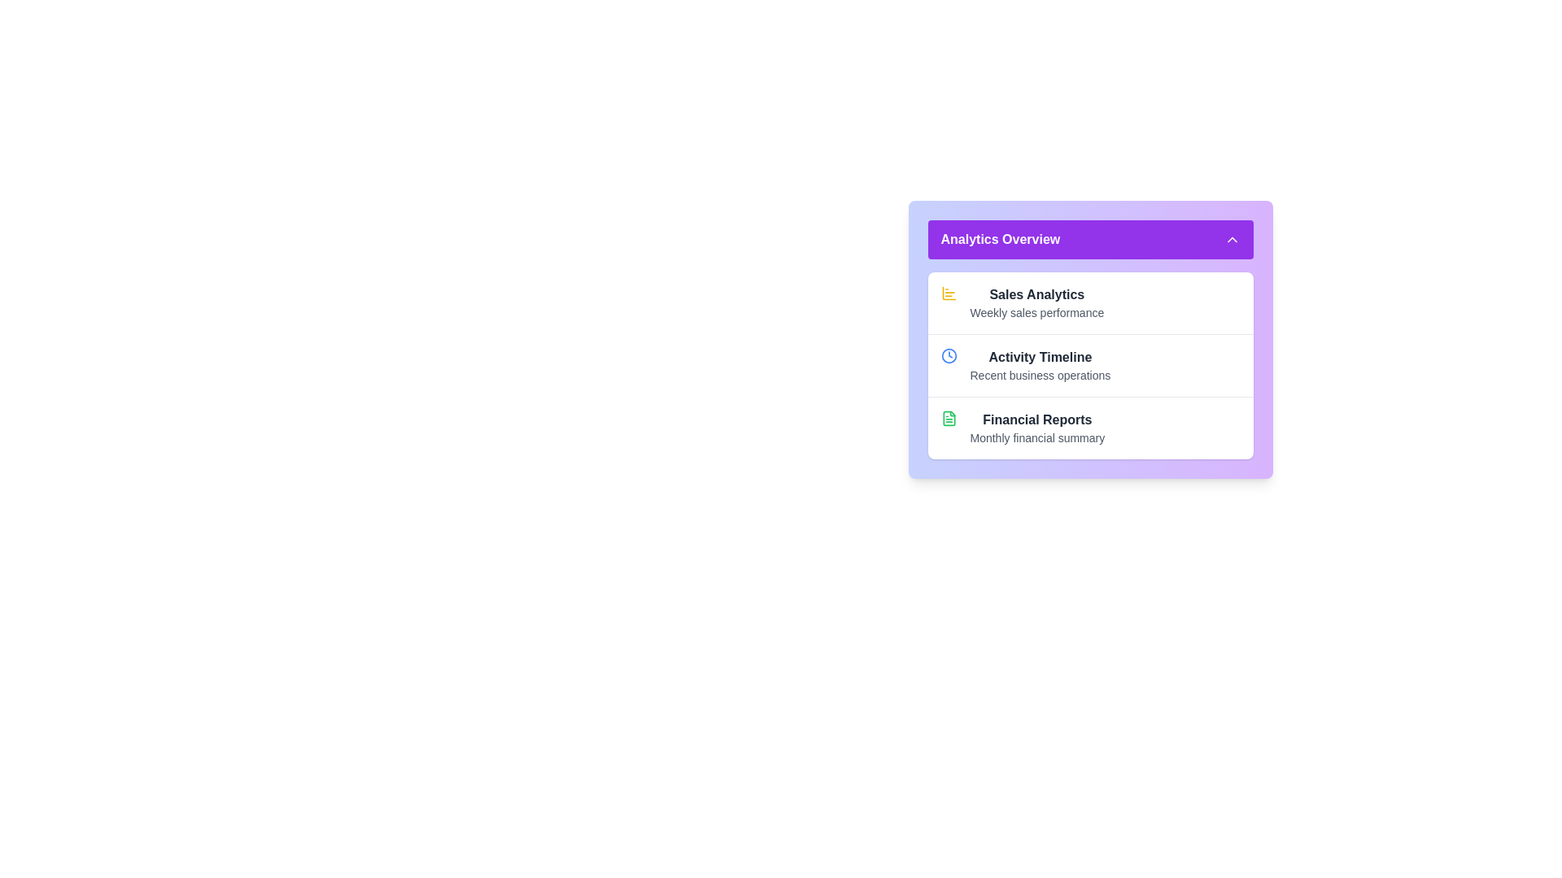 The height and width of the screenshot is (878, 1562). What do you see at coordinates (1036, 419) in the screenshot?
I see `text label that serves as the title for the 'Financial Reports' section, positioned in the 'Analytics Overview' panel, specifically as the main title of the third list item` at bounding box center [1036, 419].